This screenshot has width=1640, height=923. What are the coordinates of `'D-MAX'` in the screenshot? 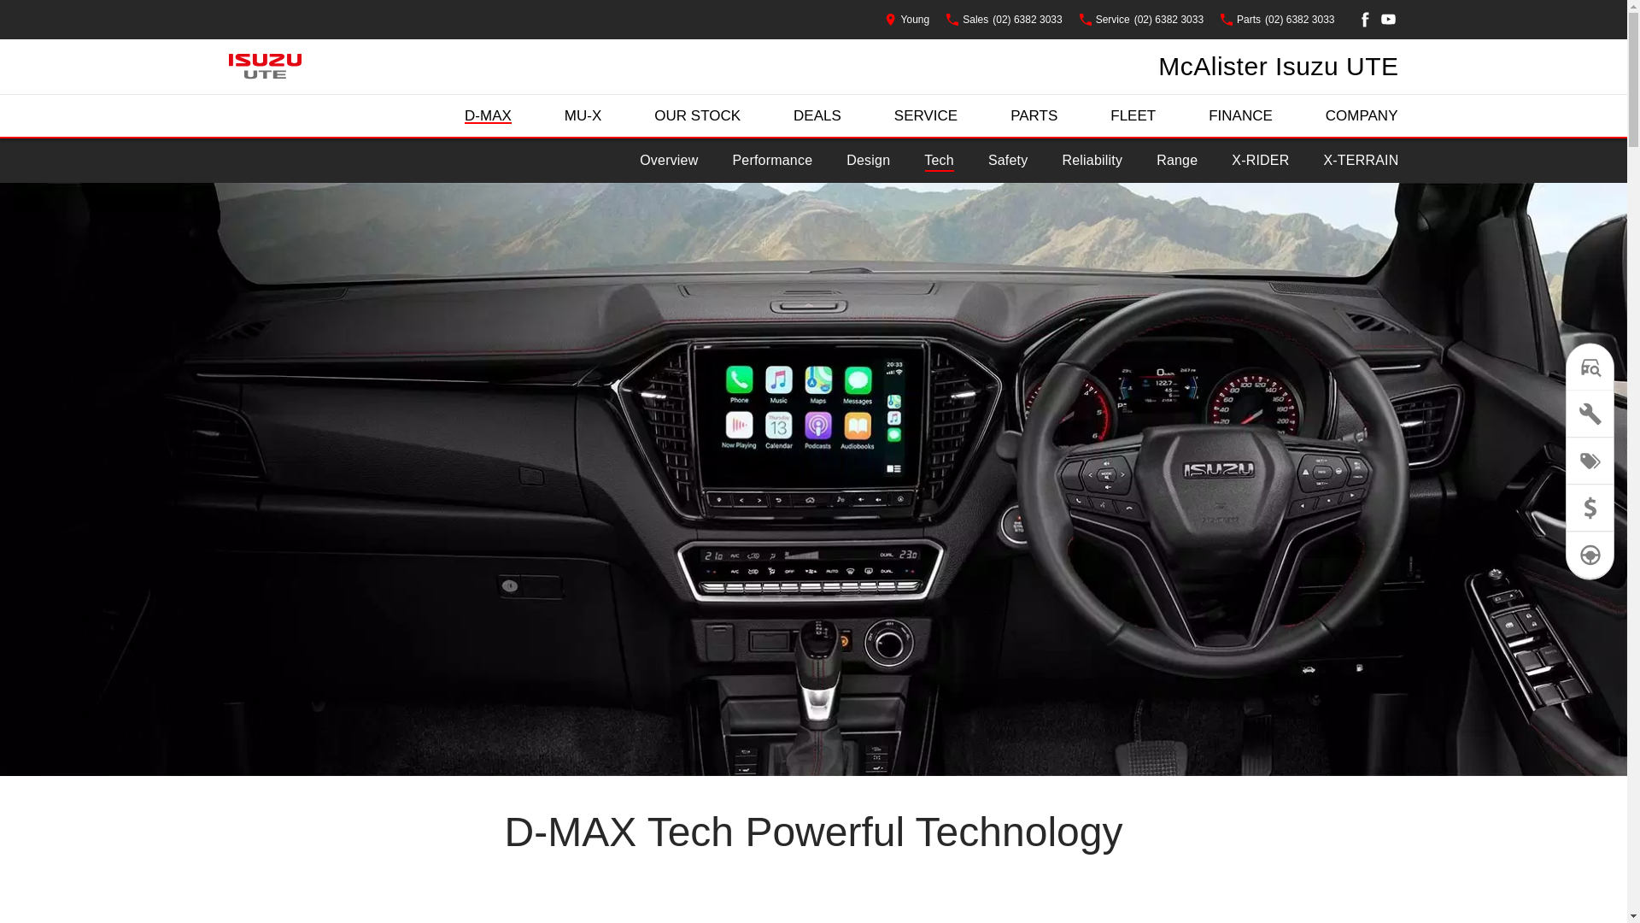 It's located at (487, 115).